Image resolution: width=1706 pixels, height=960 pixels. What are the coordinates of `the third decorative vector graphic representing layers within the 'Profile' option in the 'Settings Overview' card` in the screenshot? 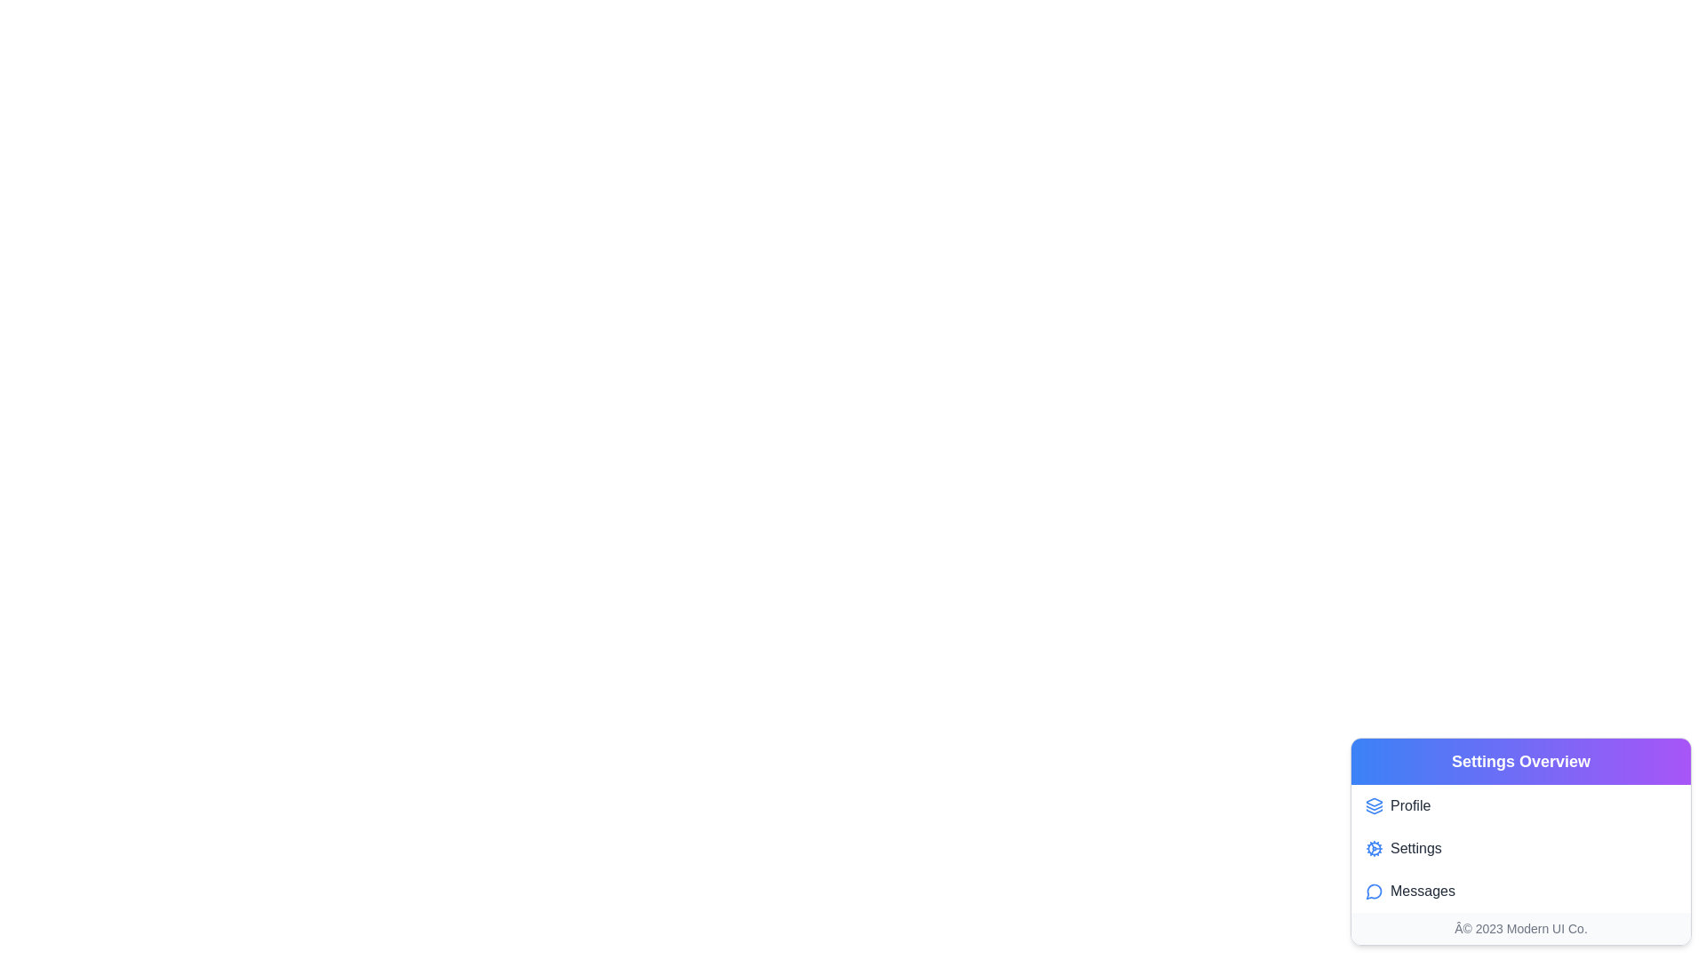 It's located at (1373, 812).